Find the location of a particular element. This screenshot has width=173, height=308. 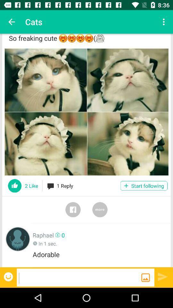

like is located at coordinates (15, 186).